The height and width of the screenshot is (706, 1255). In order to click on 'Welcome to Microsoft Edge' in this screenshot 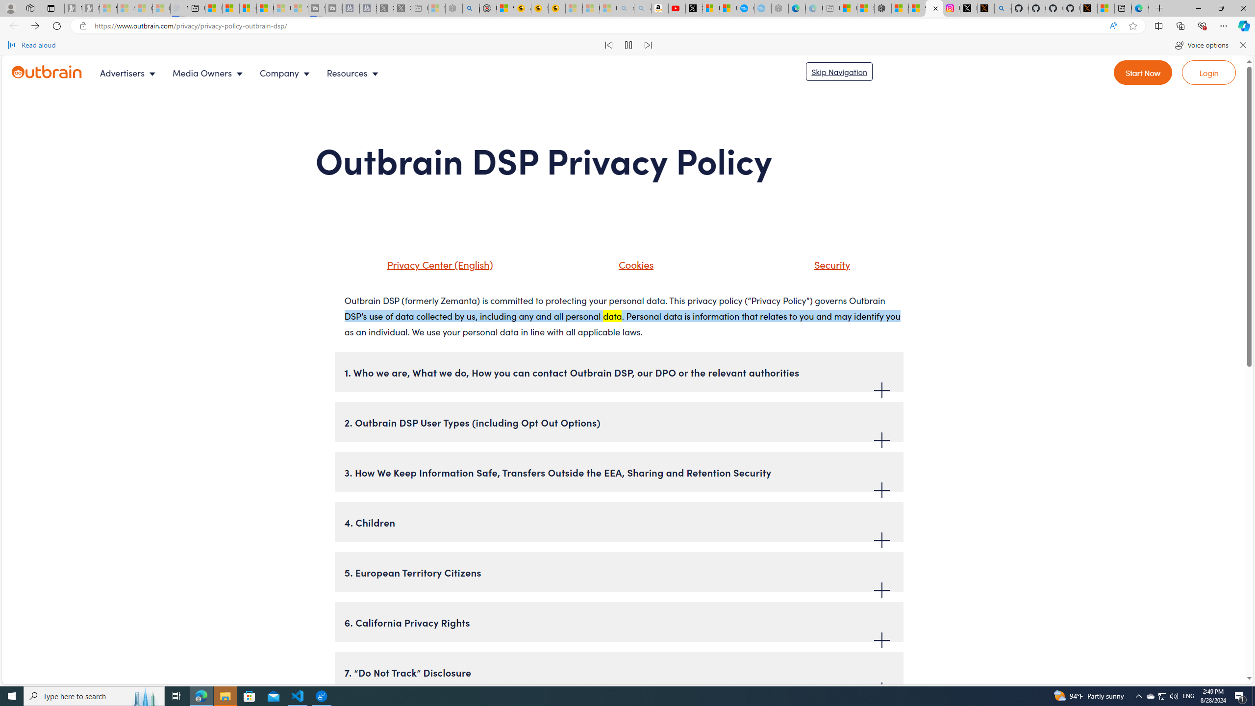, I will do `click(1139, 8)`.